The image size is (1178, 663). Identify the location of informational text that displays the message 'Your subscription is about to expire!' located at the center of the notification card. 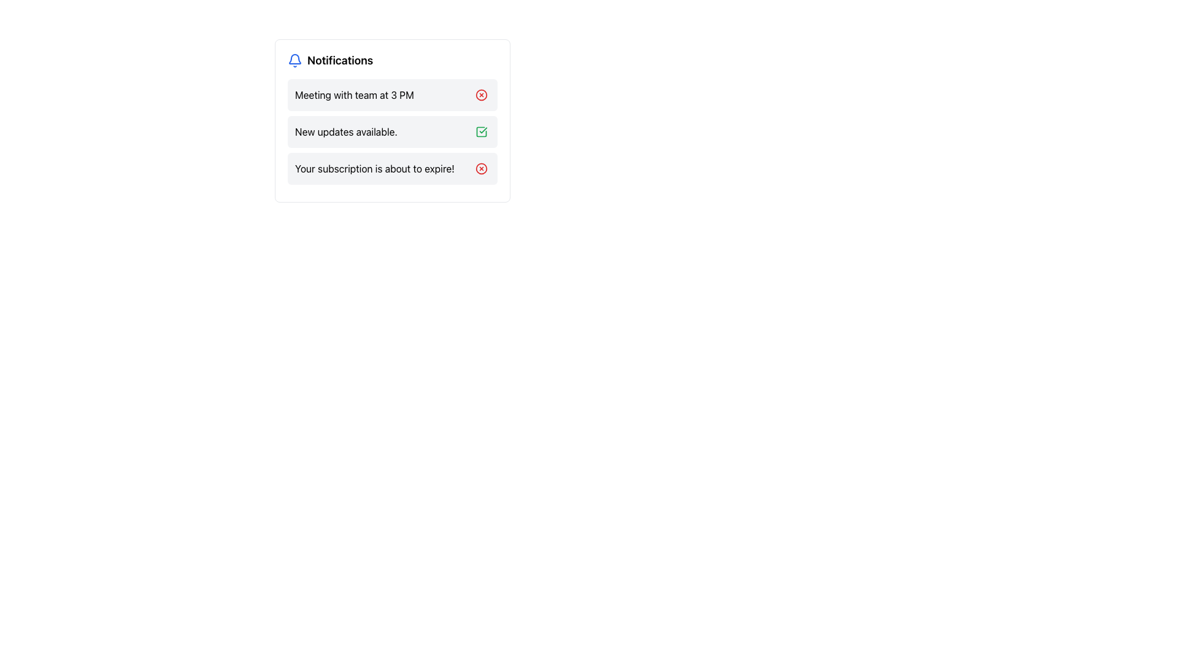
(374, 168).